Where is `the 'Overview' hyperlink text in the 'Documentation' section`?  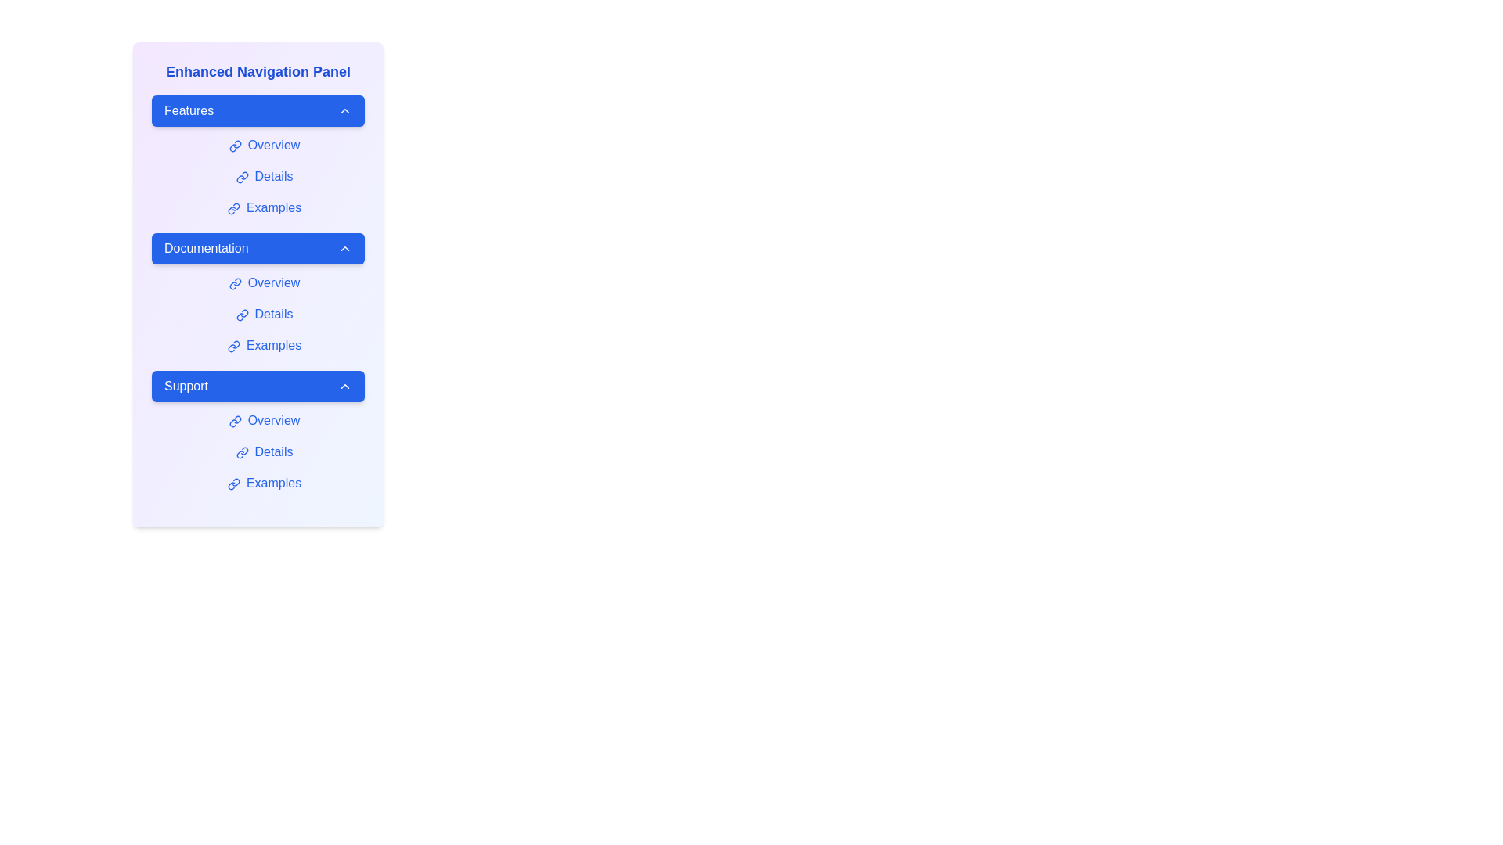 the 'Overview' hyperlink text in the 'Documentation' section is located at coordinates (264, 283).